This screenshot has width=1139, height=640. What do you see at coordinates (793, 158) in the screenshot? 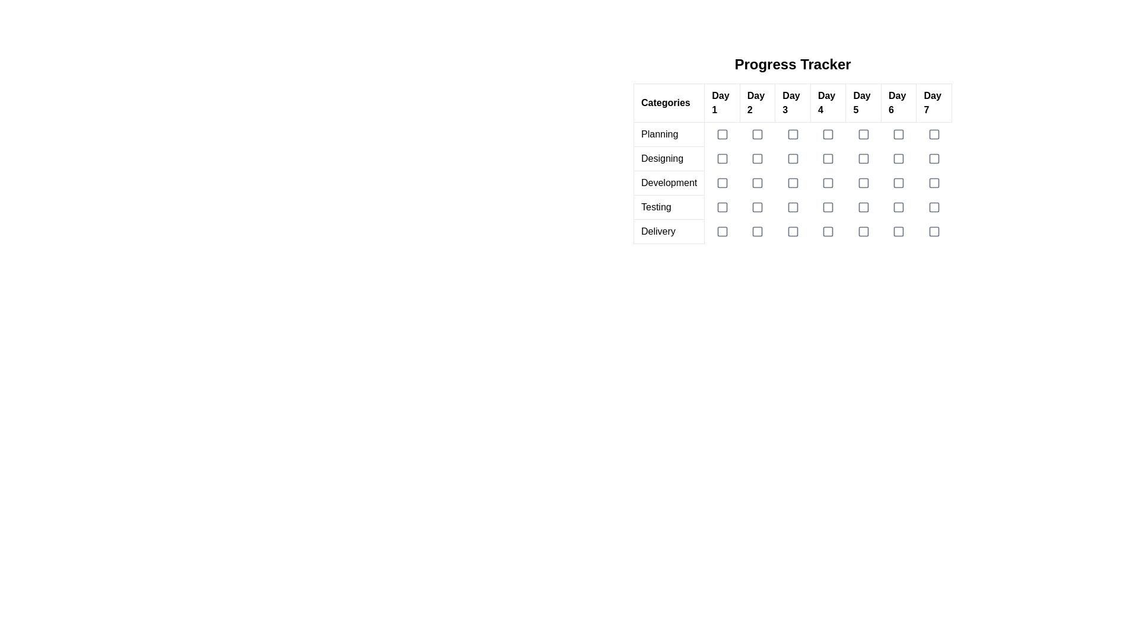
I see `the row corresponding to the category Designing` at bounding box center [793, 158].